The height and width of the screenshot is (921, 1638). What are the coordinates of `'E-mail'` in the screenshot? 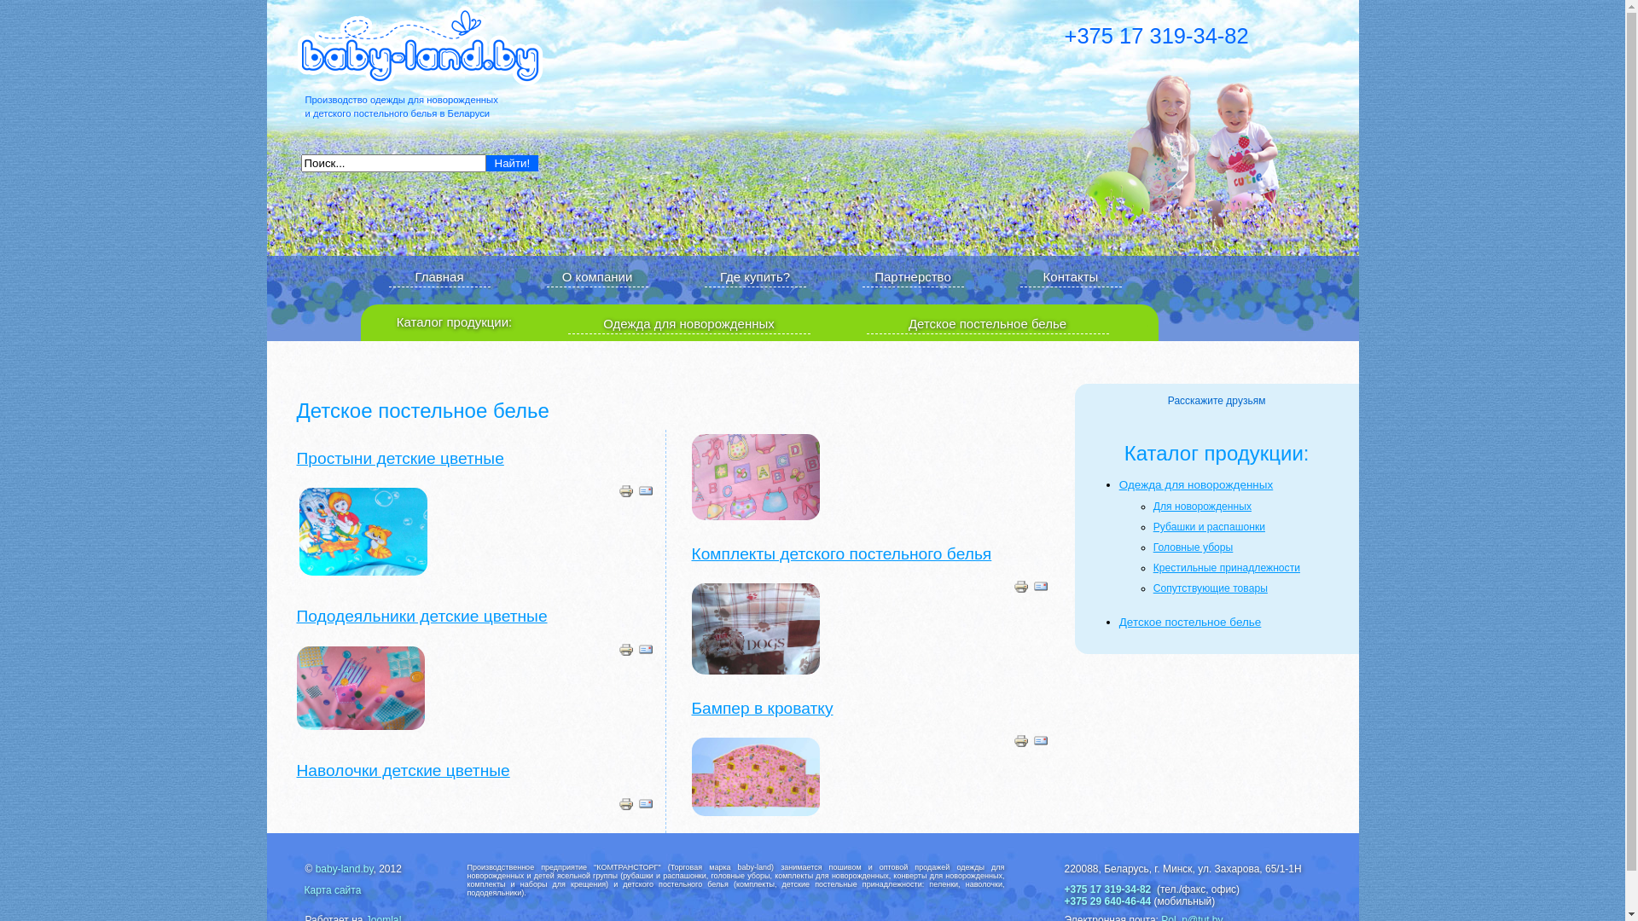 It's located at (1039, 591).